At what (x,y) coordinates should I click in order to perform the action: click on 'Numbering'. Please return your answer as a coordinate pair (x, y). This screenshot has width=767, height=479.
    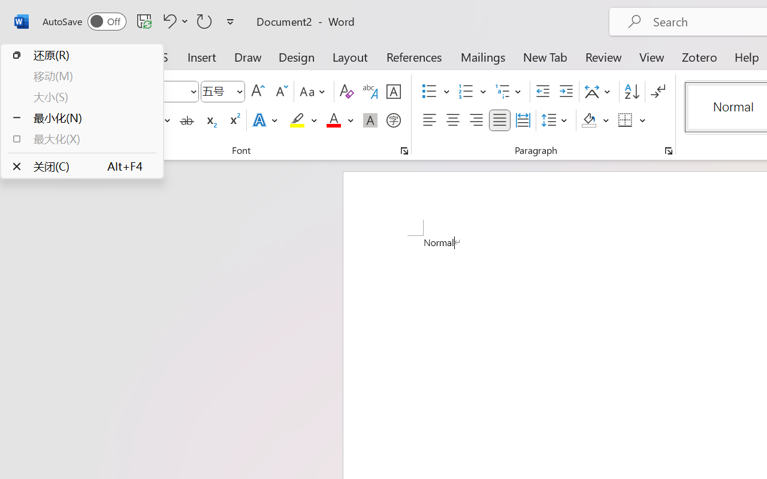
    Looking at the image, I should click on (472, 92).